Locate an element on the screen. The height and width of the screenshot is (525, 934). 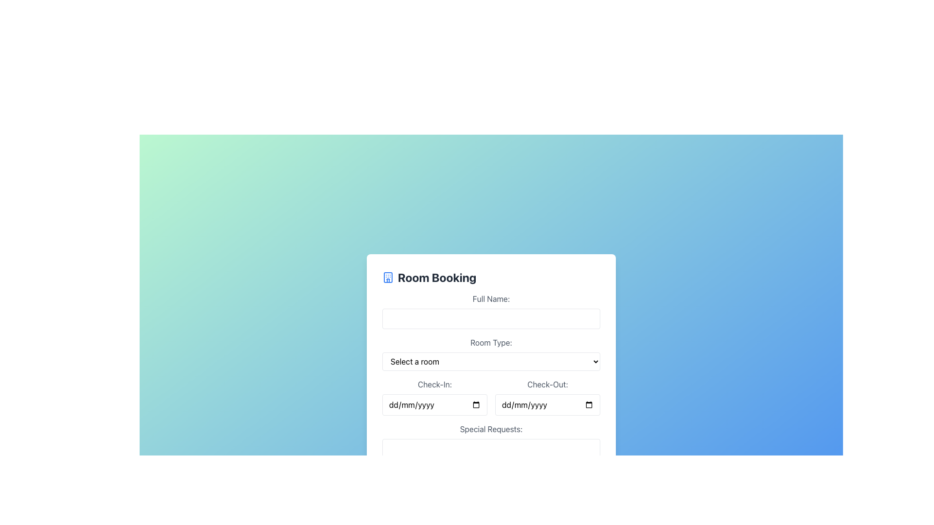
the text within the multiline Text Area located beneath the 'Special Requests:' label, which allows users to provide additional comments or requests related to their booking is located at coordinates (491, 466).